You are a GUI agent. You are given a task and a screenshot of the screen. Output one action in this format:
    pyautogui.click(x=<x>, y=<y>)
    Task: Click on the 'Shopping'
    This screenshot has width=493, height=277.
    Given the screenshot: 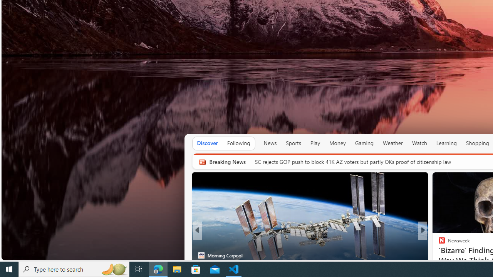 What is the action you would take?
    pyautogui.click(x=477, y=143)
    